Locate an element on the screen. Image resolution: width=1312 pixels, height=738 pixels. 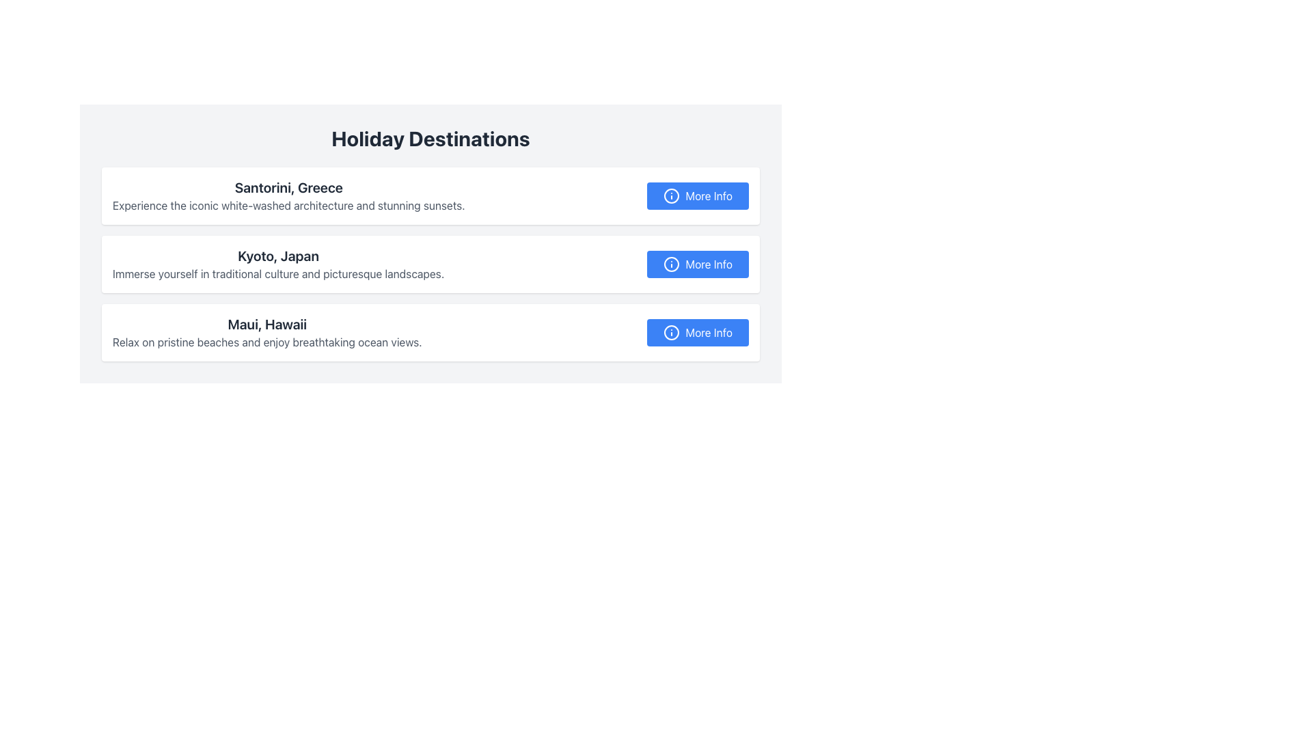
the descriptive text that reads 'Experience the iconic white-washed architecture and stunning sunsets.' located directly beneath the bold heading 'Santorini, Greece' is located at coordinates (288, 205).